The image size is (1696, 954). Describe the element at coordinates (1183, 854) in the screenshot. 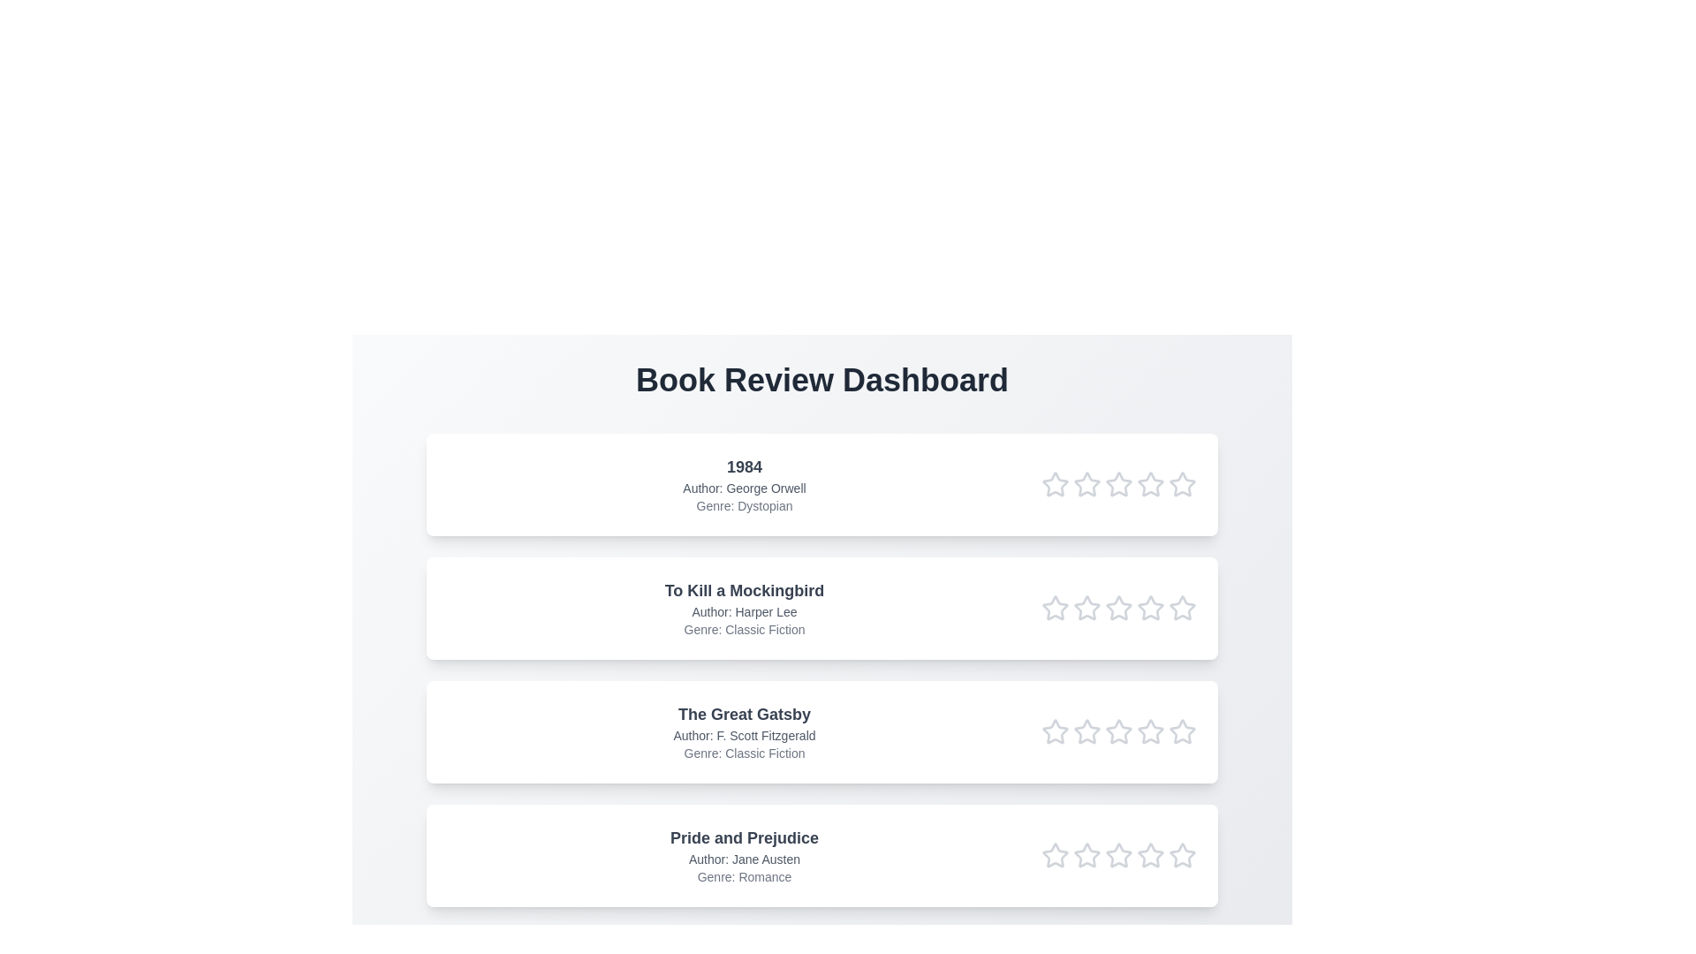

I see `the rating of the book 'Pride and Prejudice' to 5 stars by clicking on the respective star` at that location.